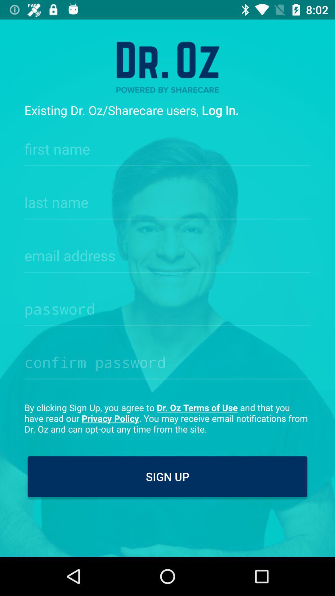 Image resolution: width=335 pixels, height=596 pixels. I want to click on confirm password, so click(167, 360).